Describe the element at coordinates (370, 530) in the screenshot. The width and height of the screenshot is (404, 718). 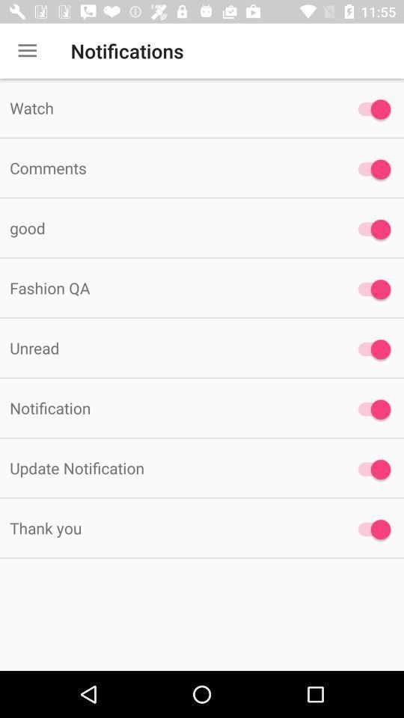
I see `ativar/desativar esta funo` at that location.